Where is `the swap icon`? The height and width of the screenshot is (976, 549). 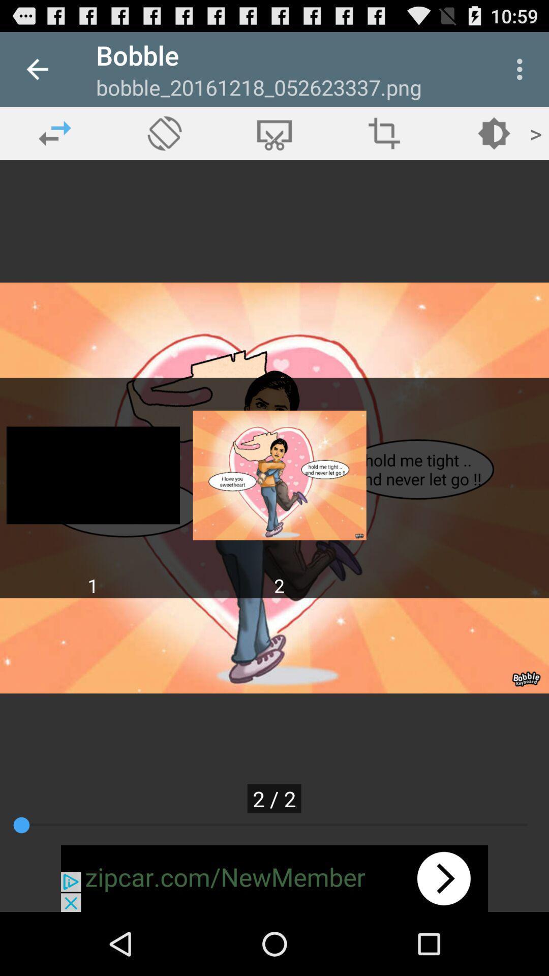 the swap icon is located at coordinates (55, 133).